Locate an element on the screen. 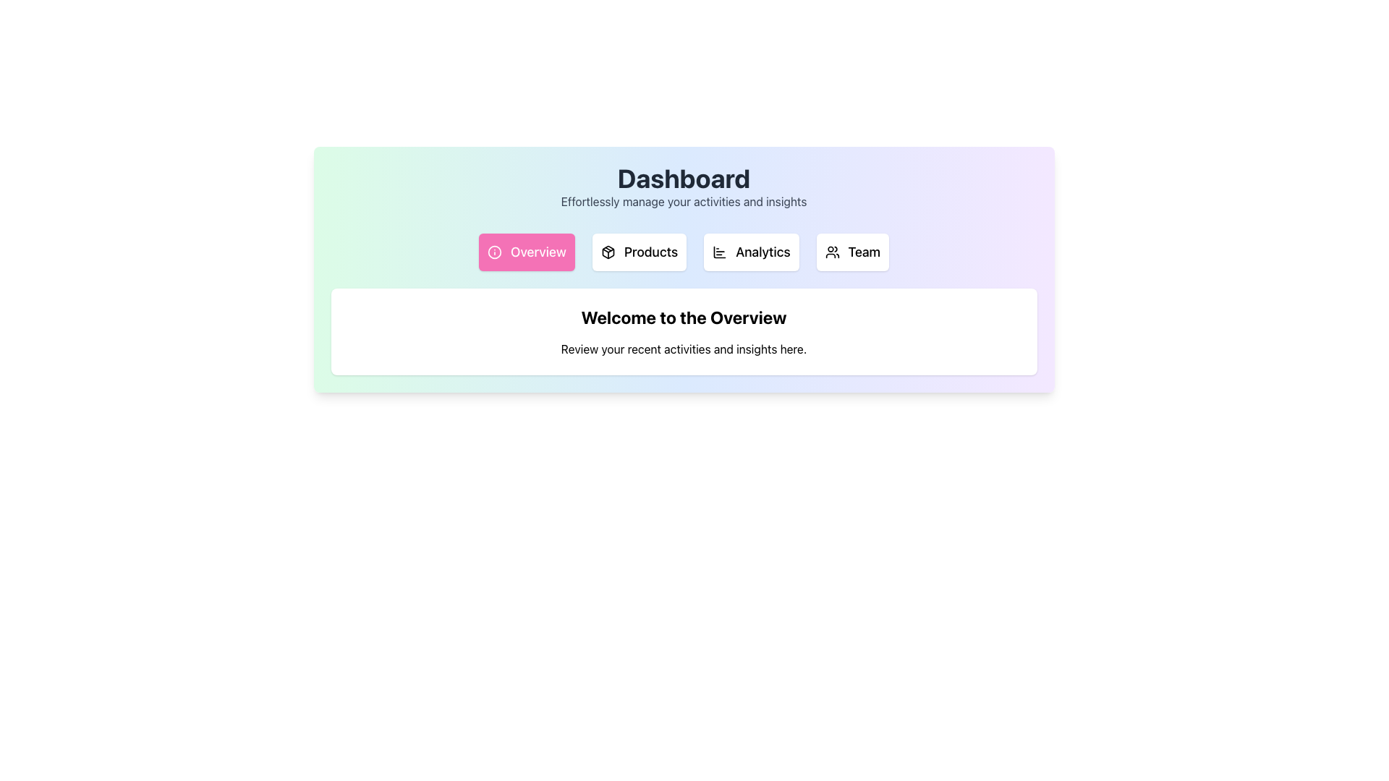  the compact rectangular SVG Icon depicting a package or box located within the 'Products' button in the navigation bar below the 'Dashboard' heading is located at coordinates (608, 251).